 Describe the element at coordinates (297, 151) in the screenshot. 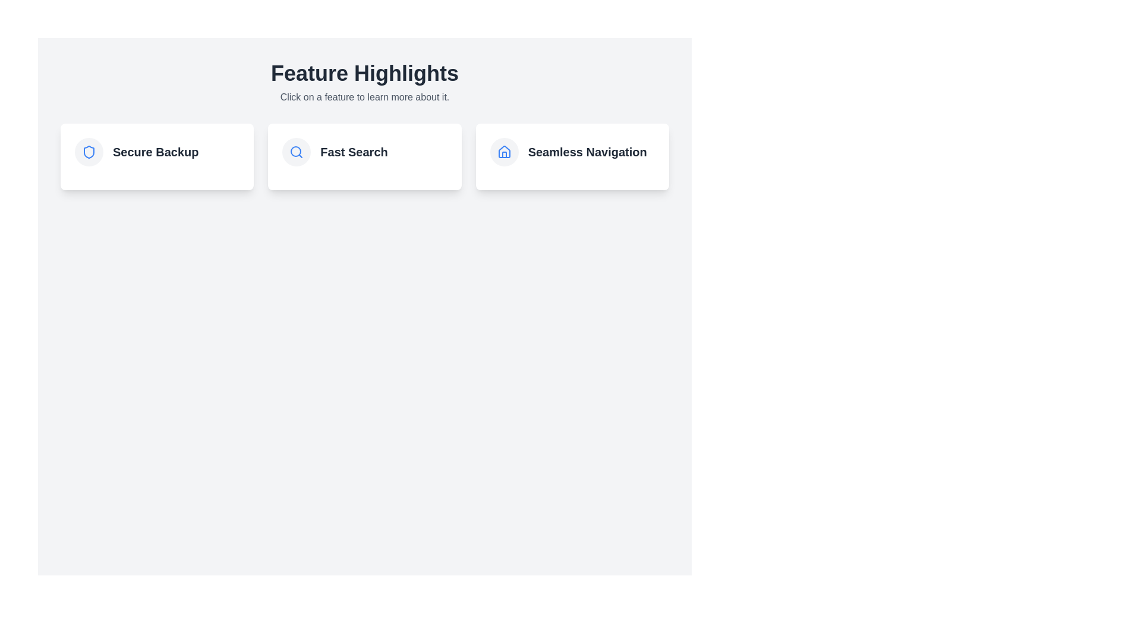

I see `the 'Fast Search' Icon Button located on the left side of the 'Fast Search' label within the second card of features` at that location.